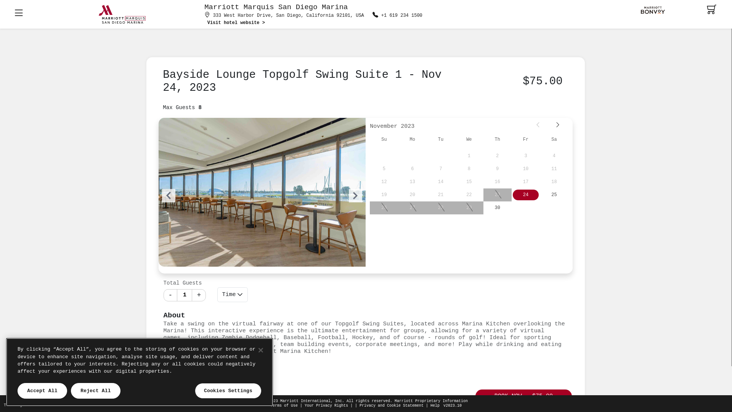  Describe the element at coordinates (484, 194) in the screenshot. I see `'23'` at that location.